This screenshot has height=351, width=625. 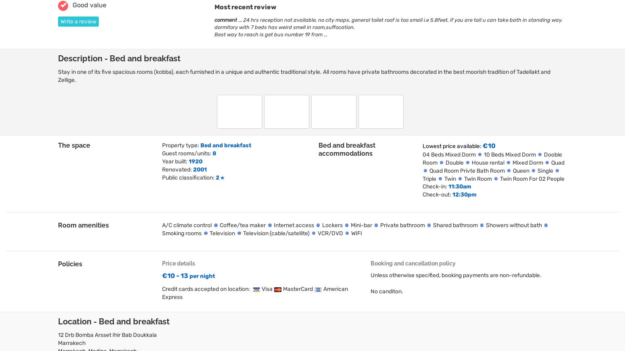 I want to click on 'Stay in one of its five spacious rooms (kobba), each furnished in a unique and authentic traditional style. All rooms have private bathrooms decorated in the best moorish tradition of Tadellakt and Zellige.', so click(x=304, y=75).